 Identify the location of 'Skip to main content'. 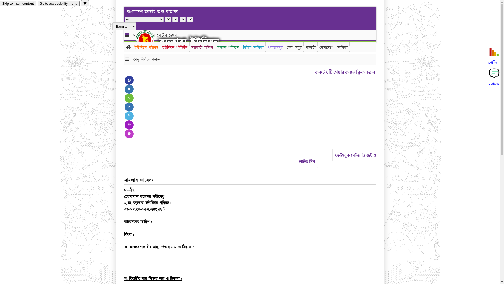
(18, 3).